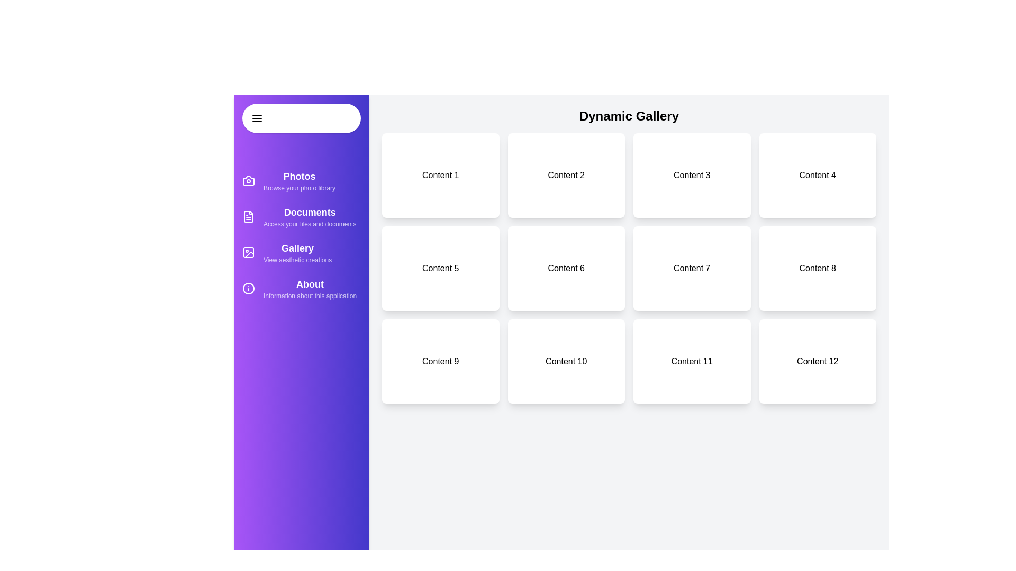  What do you see at coordinates (301, 253) in the screenshot?
I see `the category item labeled 'Gallery' to observe its hover effect` at bounding box center [301, 253].